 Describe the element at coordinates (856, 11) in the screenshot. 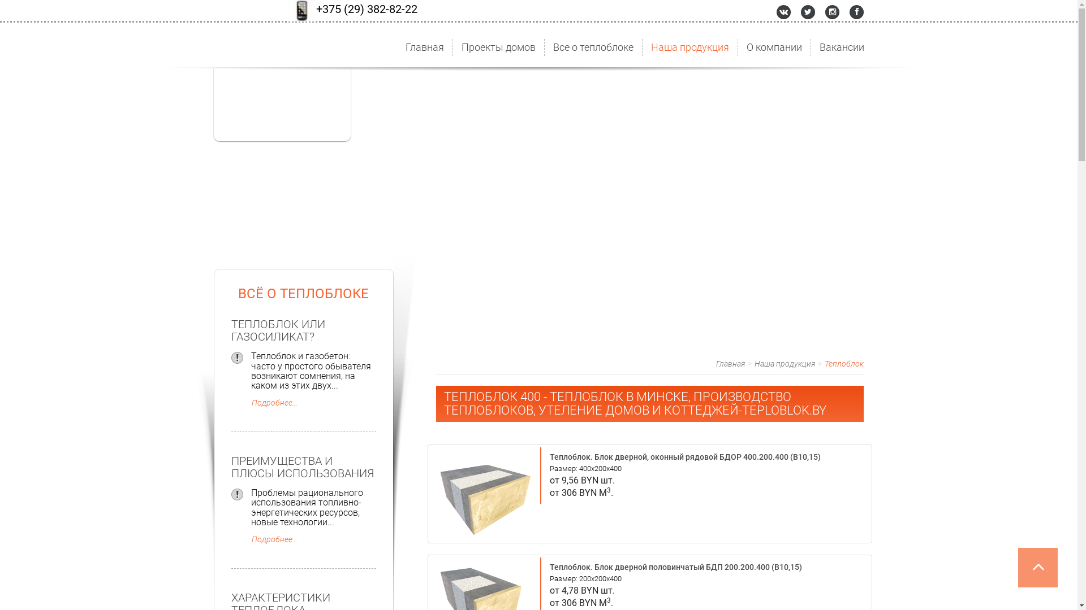

I see `'Instagram'` at that location.